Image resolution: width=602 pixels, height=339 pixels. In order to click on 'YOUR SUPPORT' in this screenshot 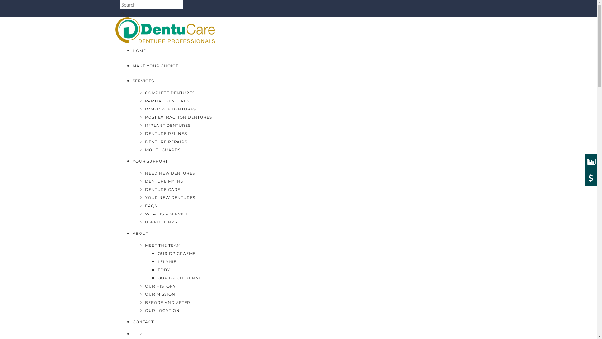, I will do `click(150, 161)`.